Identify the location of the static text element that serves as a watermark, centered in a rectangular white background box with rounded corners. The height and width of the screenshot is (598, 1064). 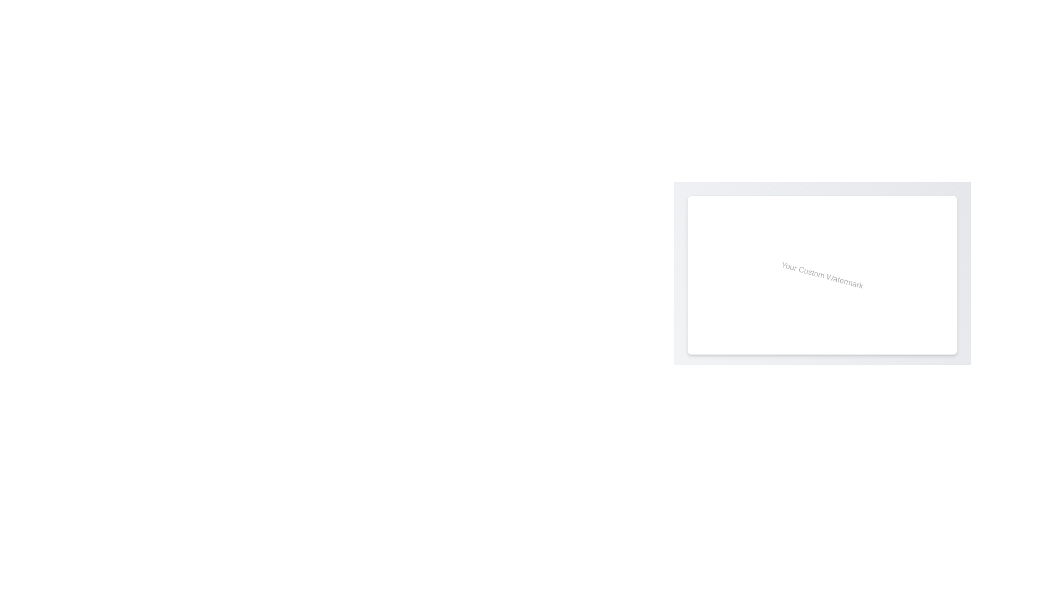
(822, 274).